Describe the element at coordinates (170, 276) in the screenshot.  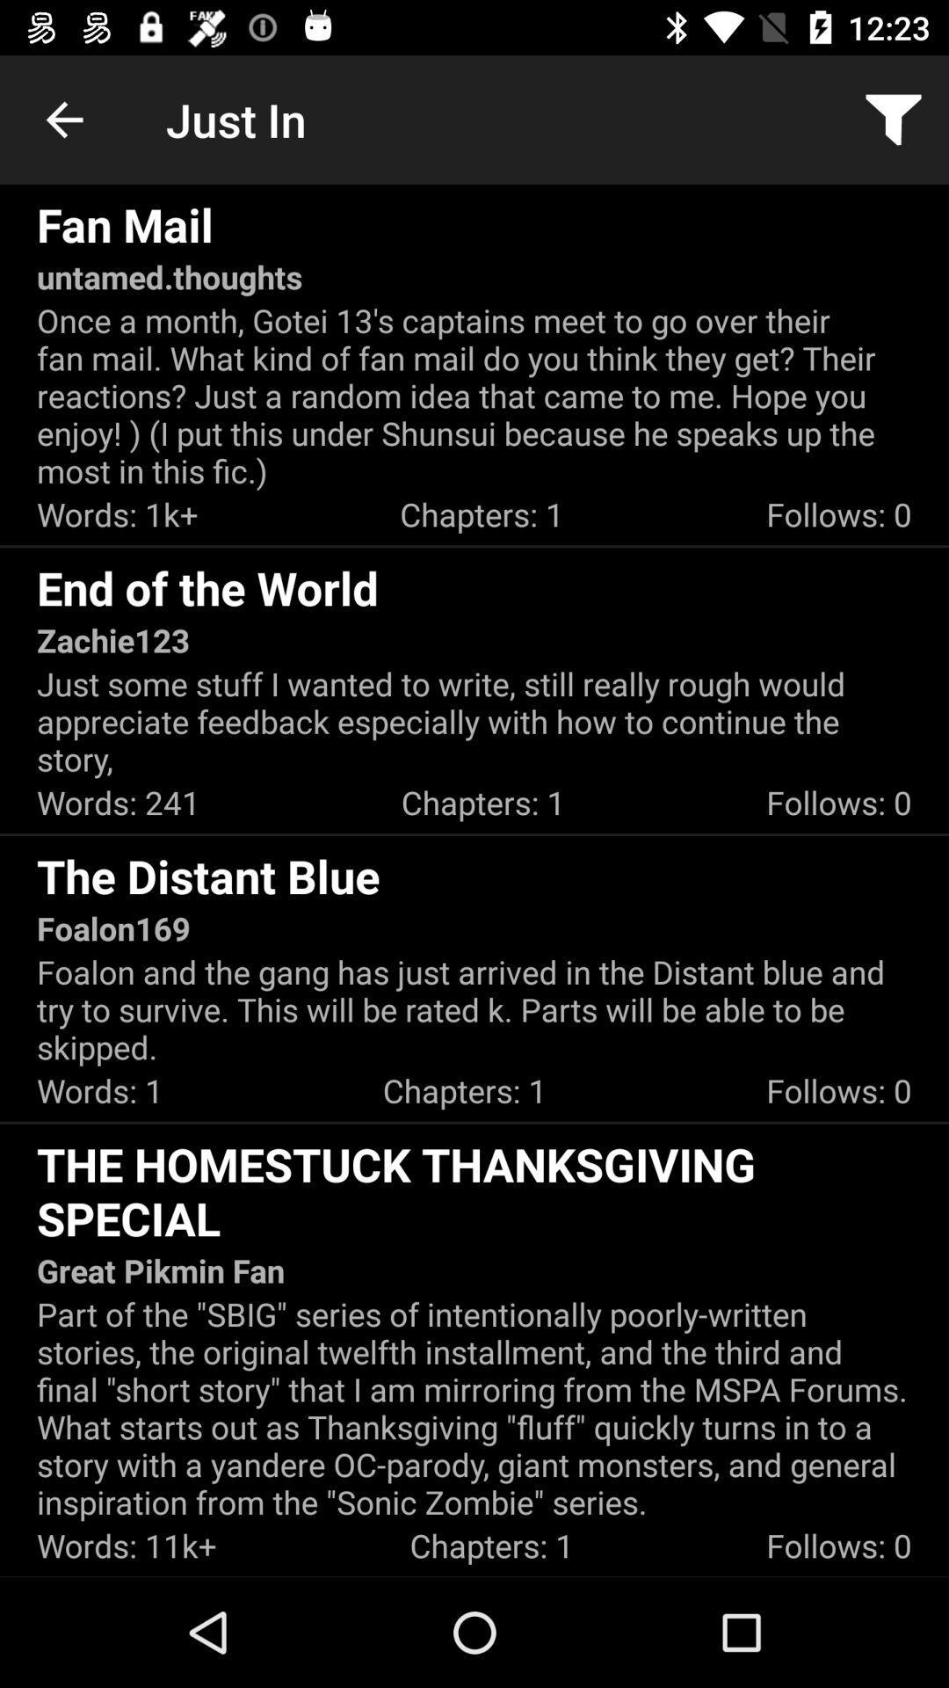
I see `the untamed.thoughts` at that location.